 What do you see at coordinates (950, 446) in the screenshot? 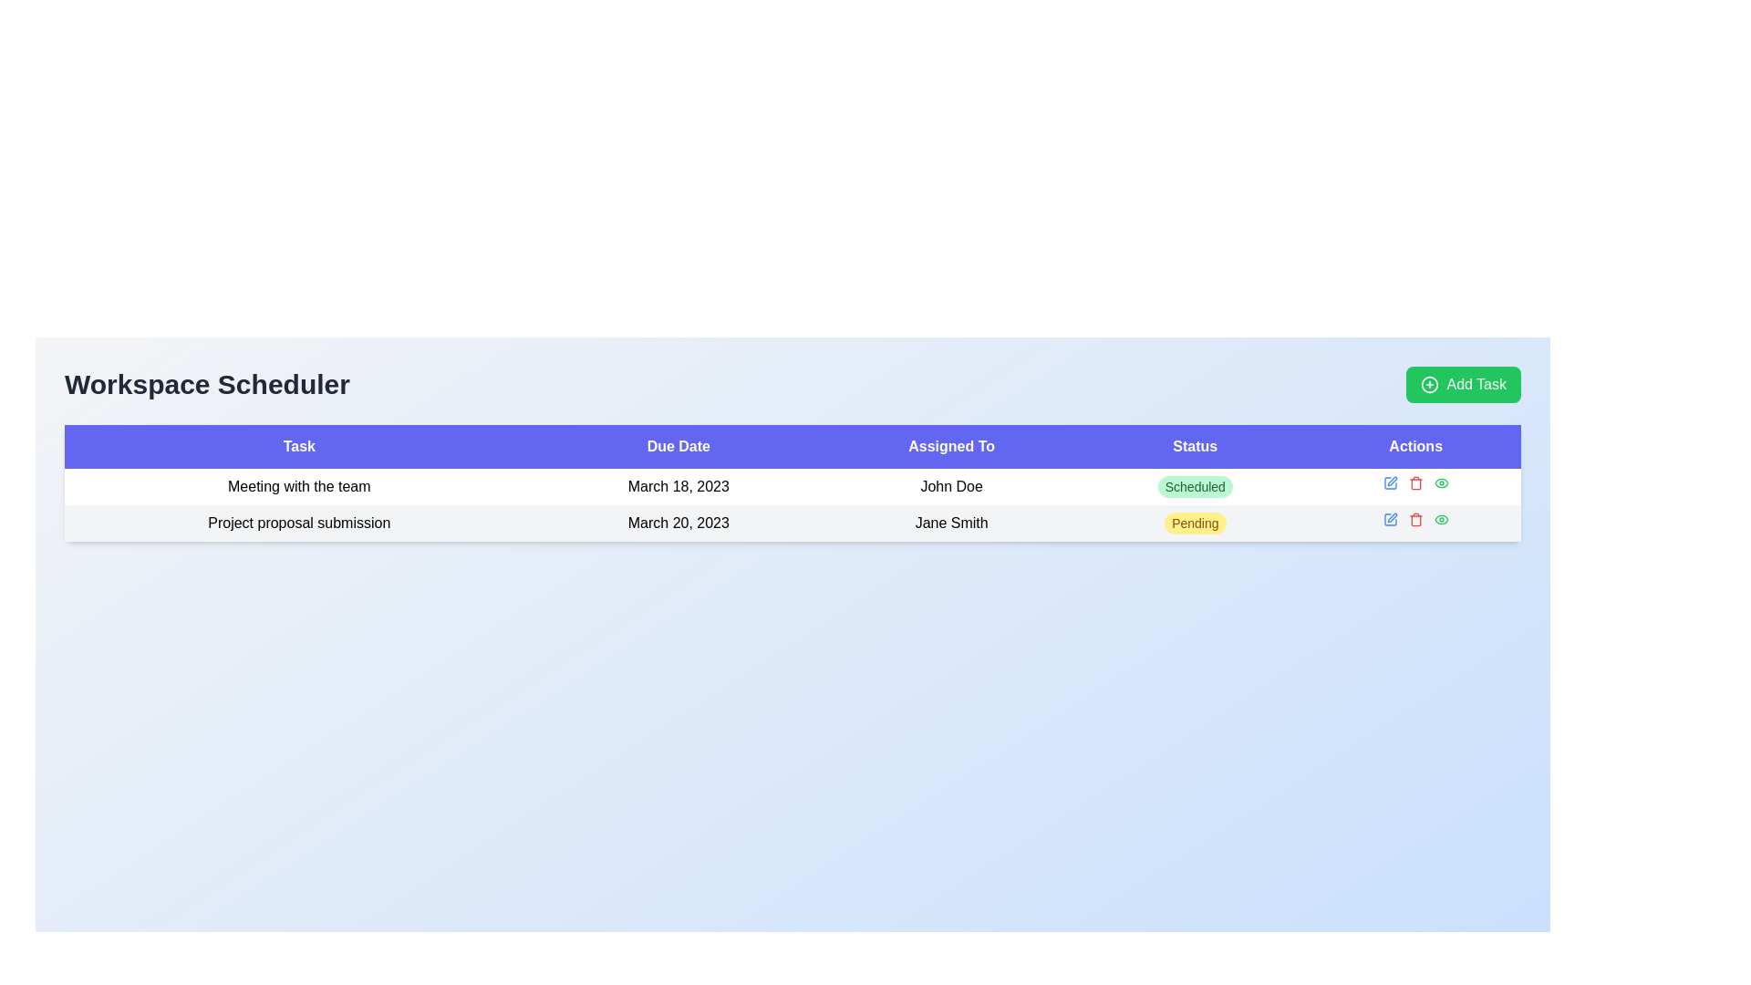
I see `the 'Assigned To' column header label in the data table, which is the third column header located between the 'Due Date' and 'Status' headers` at bounding box center [950, 446].